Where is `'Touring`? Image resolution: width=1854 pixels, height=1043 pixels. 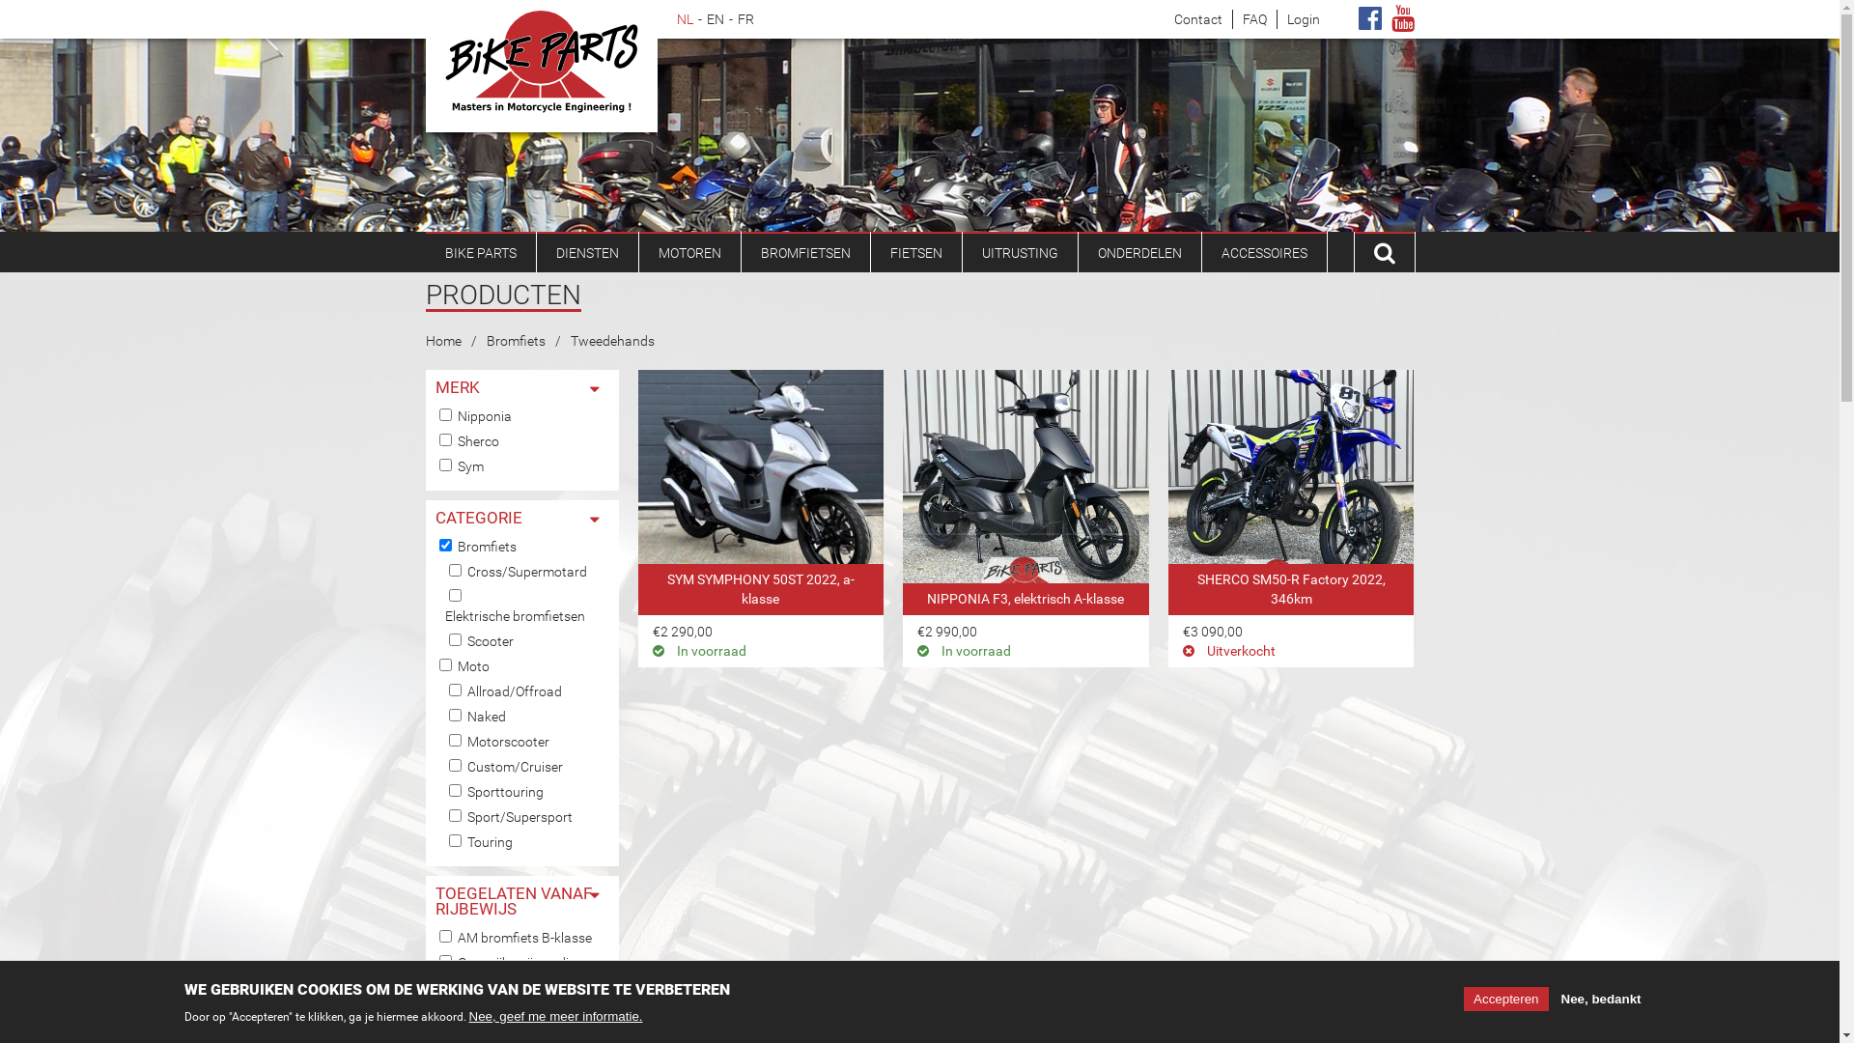 'Touring is located at coordinates (490, 840).